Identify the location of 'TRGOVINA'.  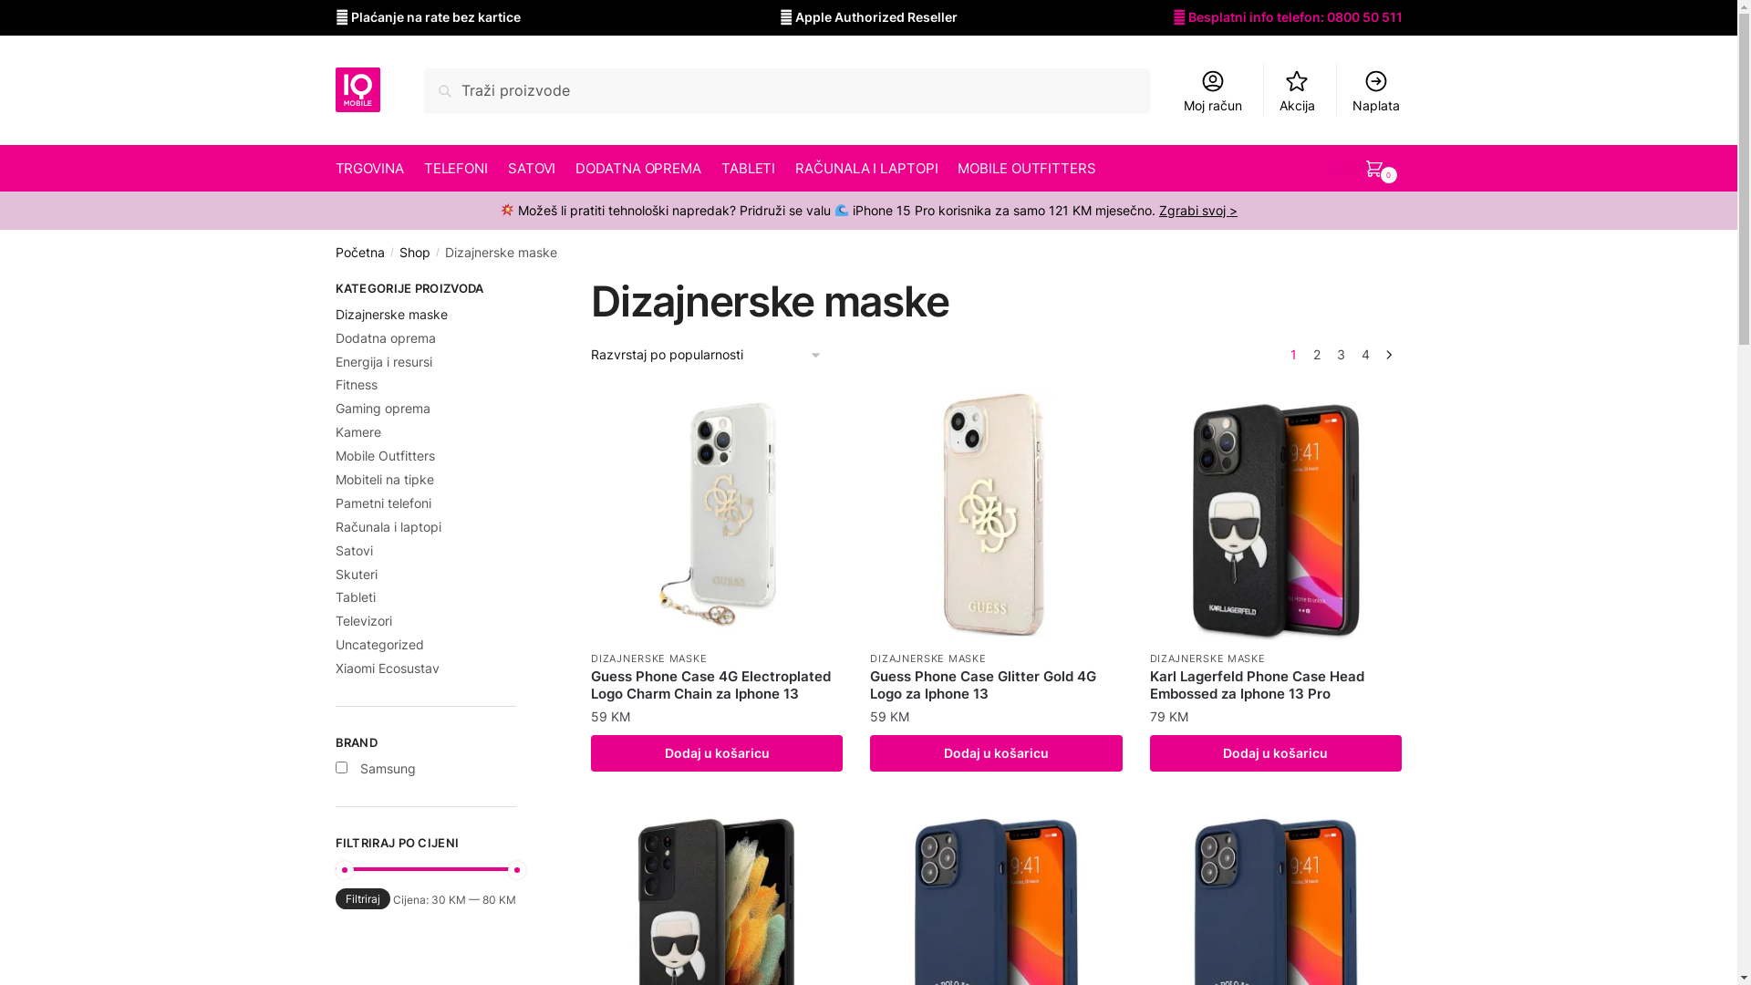
(372, 169).